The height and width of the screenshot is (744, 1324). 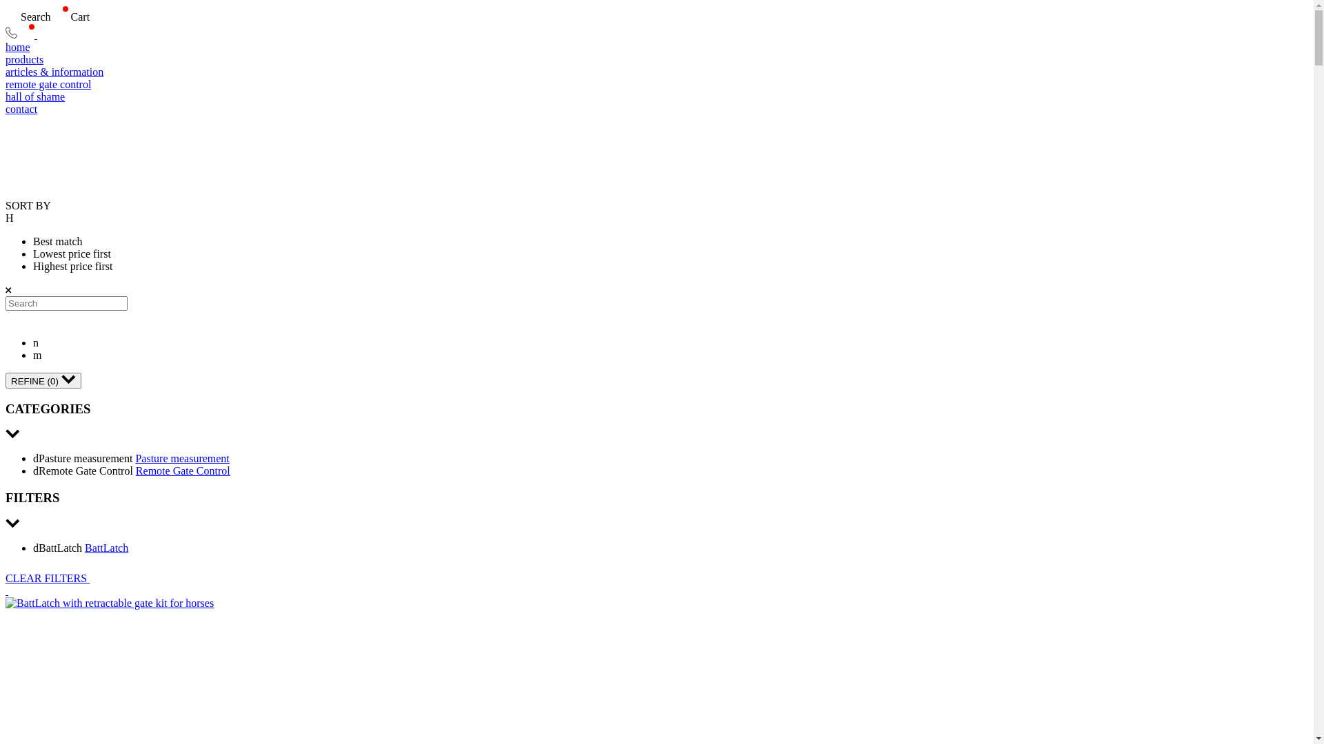 I want to click on 'remote gate control', so click(x=656, y=85).